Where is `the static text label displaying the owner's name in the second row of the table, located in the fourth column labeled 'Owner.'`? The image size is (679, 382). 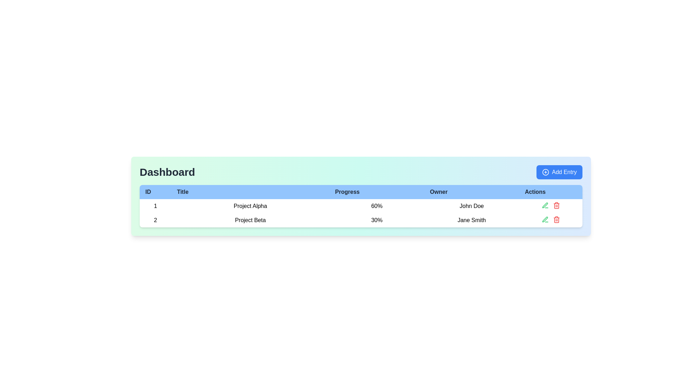 the static text label displaying the owner's name in the second row of the table, located in the fourth column labeled 'Owner.' is located at coordinates (472, 220).